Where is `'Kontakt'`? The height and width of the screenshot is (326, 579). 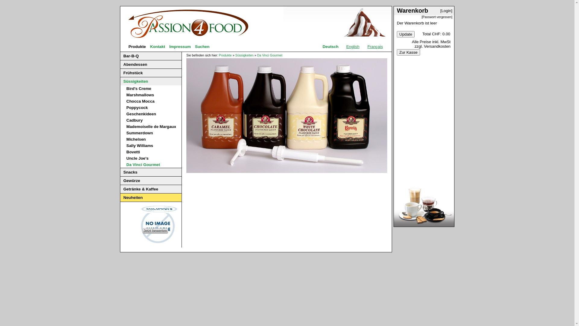 'Kontakt' is located at coordinates (158, 46).